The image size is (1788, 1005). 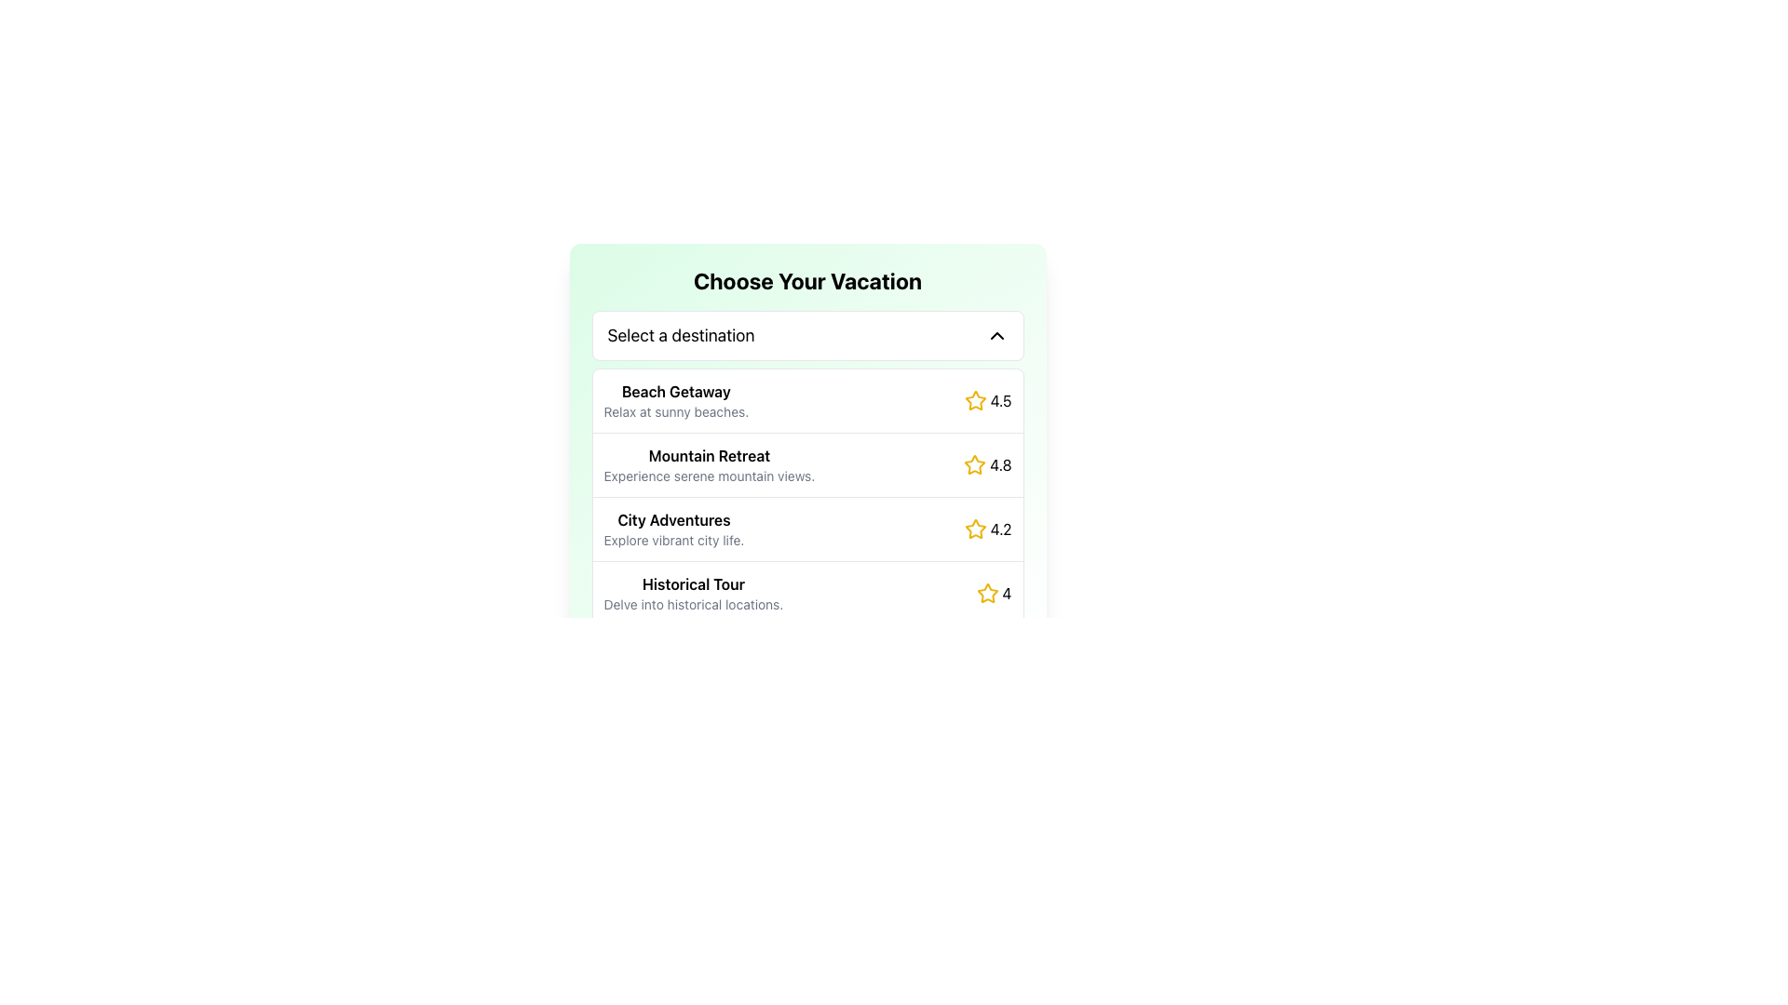 I want to click on text-label element serving as the title for the historical tour option in the vacation selection menu, positioned below 'City Adventures', so click(x=692, y=583).